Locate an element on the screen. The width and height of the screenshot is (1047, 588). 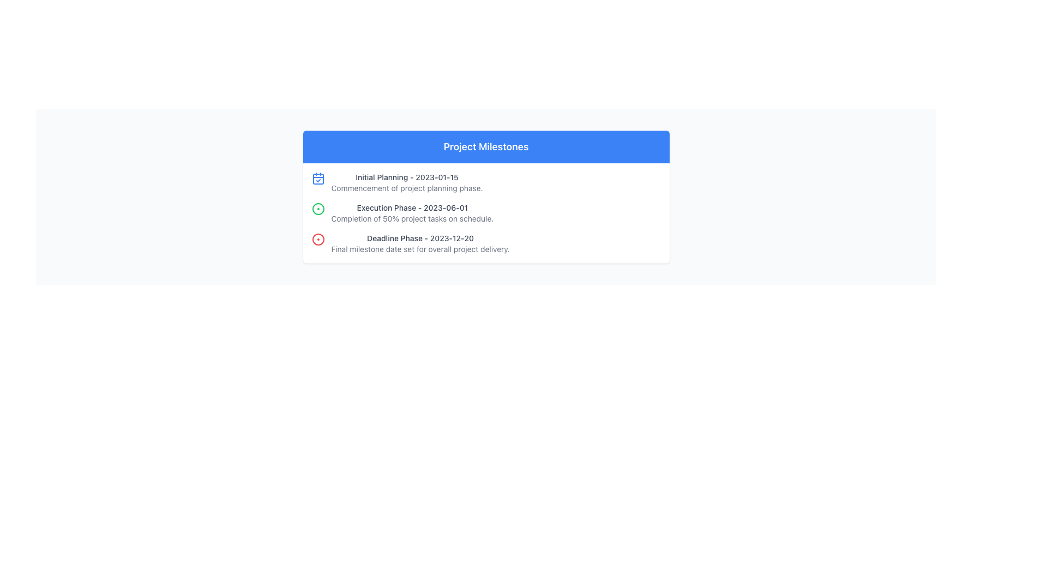
text from the Text Label that displays 'Deadline Phase - 2023-12-20', which is centrally positioned within the 'Project Milestones' section is located at coordinates (420, 238).